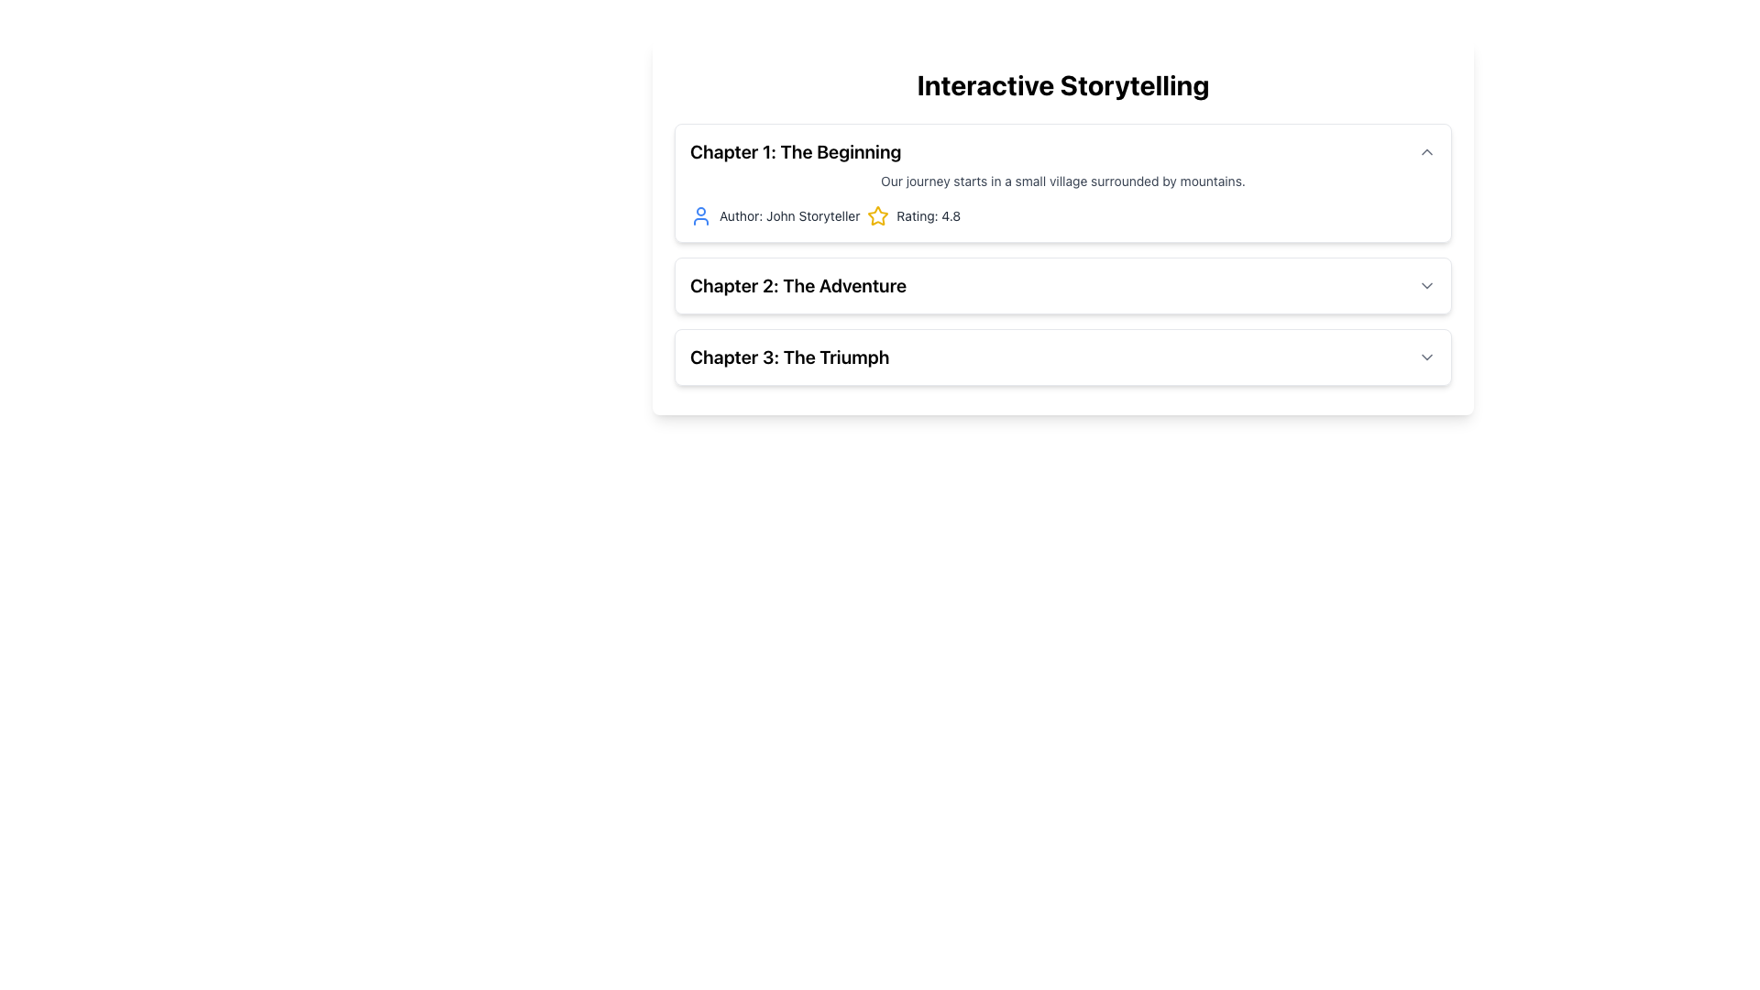  What do you see at coordinates (1425, 357) in the screenshot?
I see `the downward-pointing chevron icon at the far right of the header labeled 'Chapter 3: The Triumph'` at bounding box center [1425, 357].